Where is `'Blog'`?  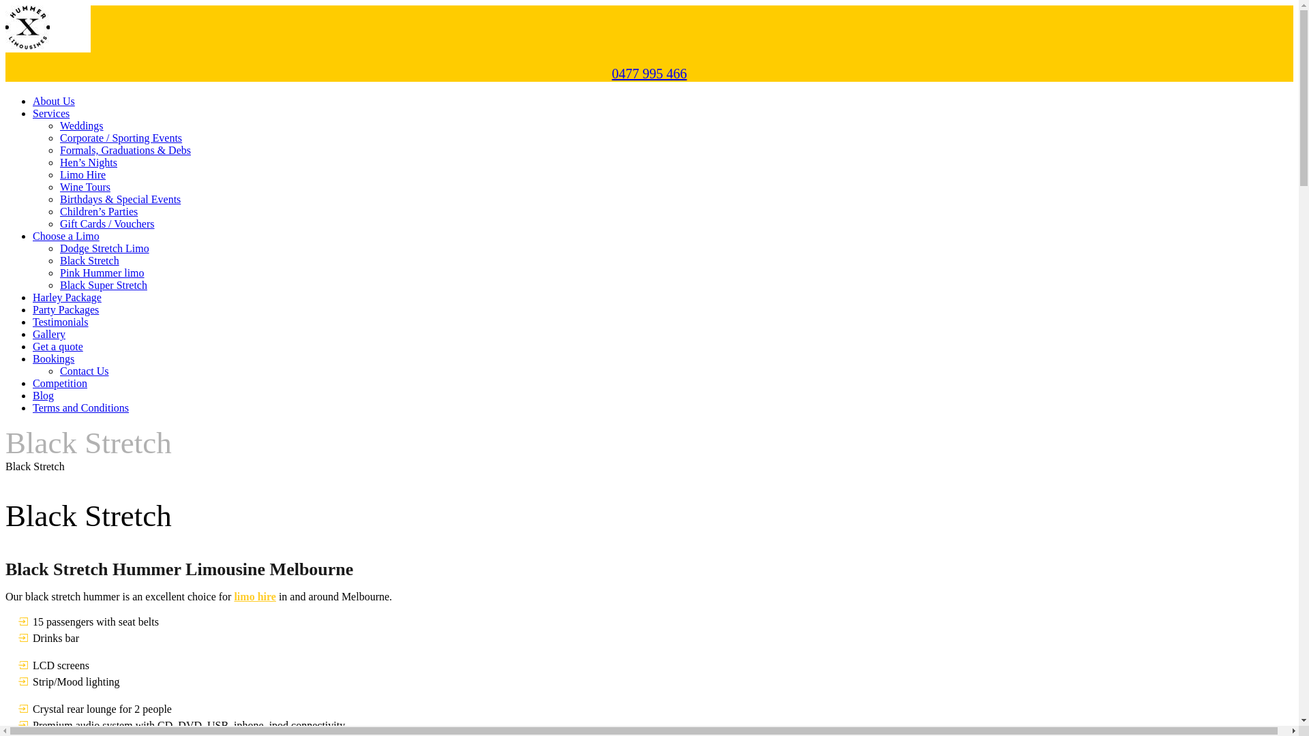
'Blog' is located at coordinates (43, 395).